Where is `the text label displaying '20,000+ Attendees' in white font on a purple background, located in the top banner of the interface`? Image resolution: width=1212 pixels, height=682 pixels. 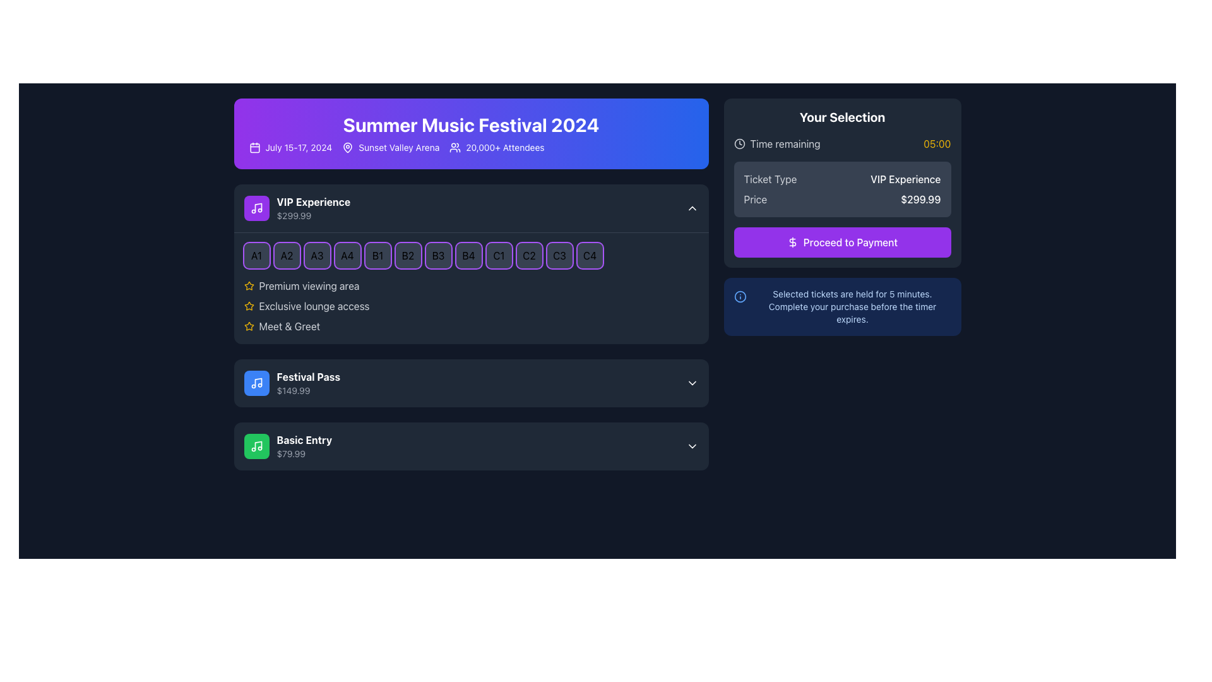 the text label displaying '20,000+ Attendees' in white font on a purple background, located in the top banner of the interface is located at coordinates (505, 147).